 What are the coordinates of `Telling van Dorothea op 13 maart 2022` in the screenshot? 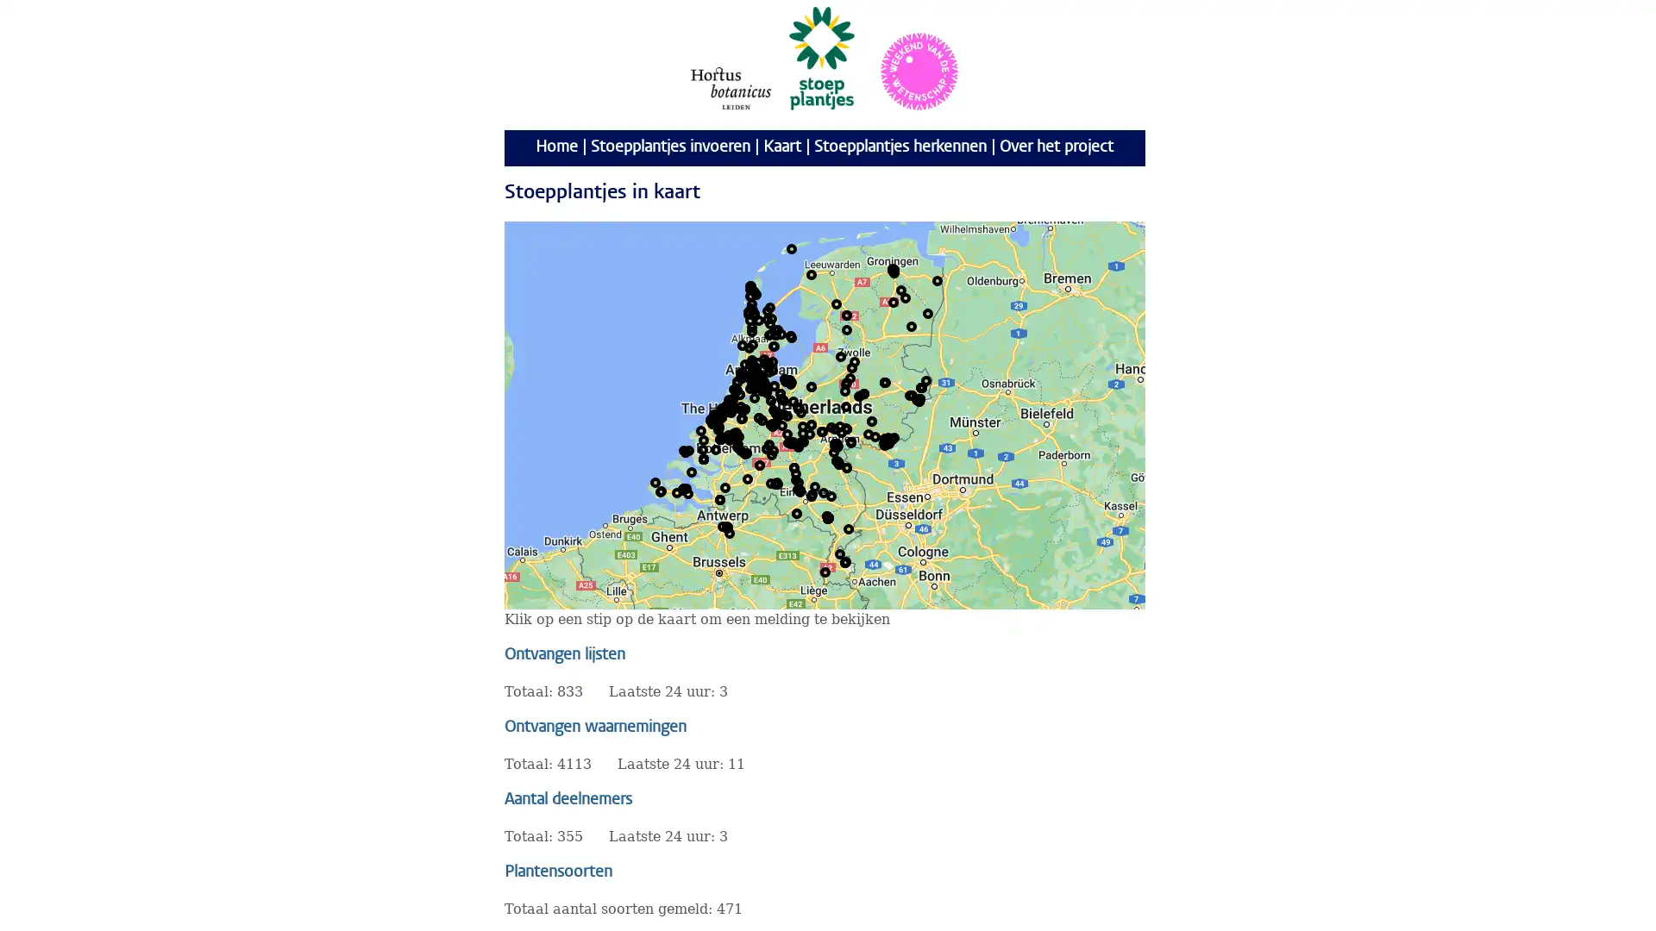 It's located at (773, 384).